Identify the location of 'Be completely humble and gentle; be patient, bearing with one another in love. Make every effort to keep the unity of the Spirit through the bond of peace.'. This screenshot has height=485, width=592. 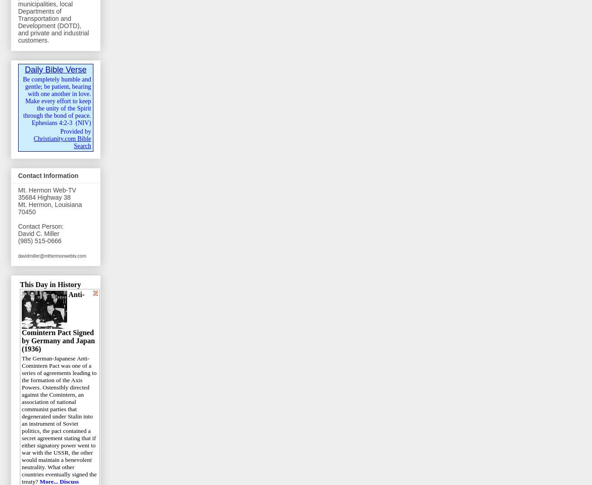
(56, 96).